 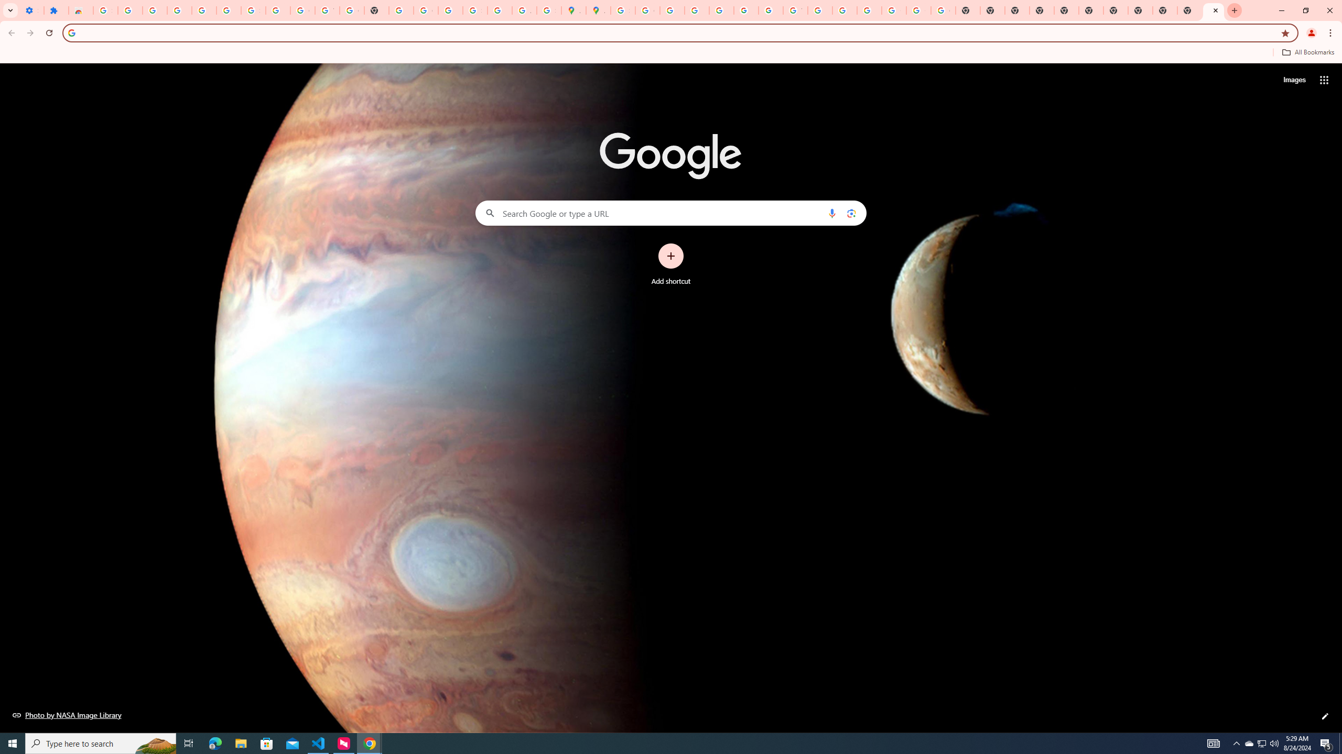 I want to click on 'Search icon', so click(x=71, y=32).